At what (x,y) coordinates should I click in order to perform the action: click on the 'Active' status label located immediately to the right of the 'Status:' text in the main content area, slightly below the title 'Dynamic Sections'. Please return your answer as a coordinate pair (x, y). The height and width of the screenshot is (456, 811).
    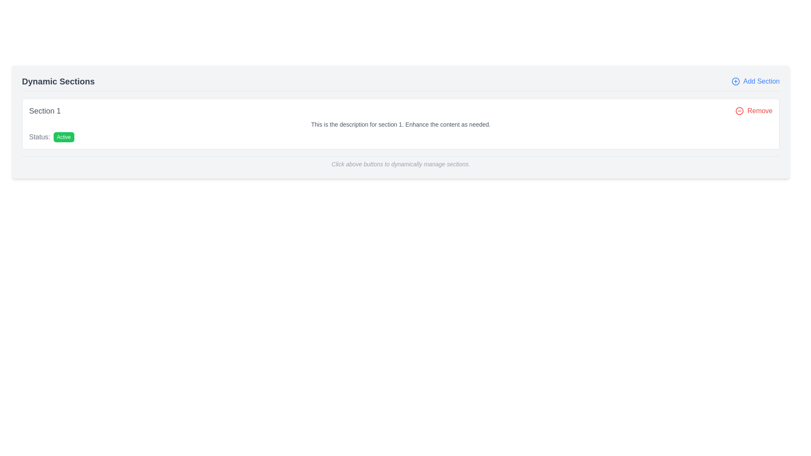
    Looking at the image, I should click on (63, 136).